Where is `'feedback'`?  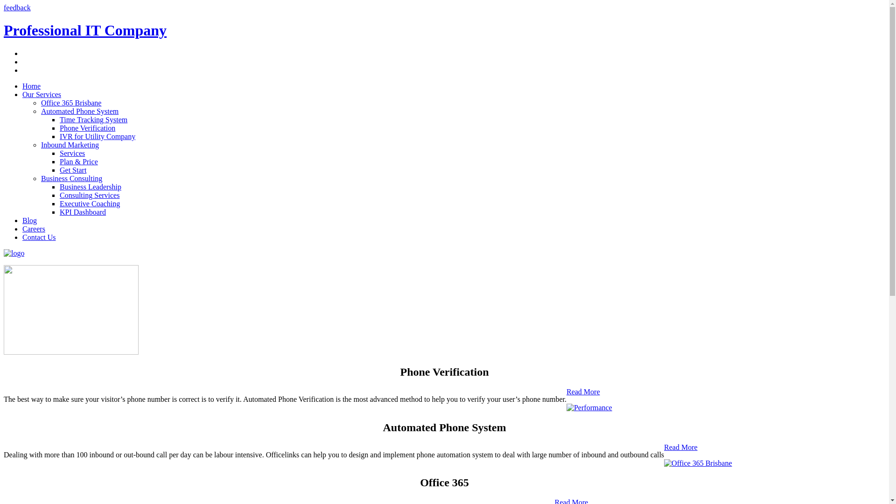 'feedback' is located at coordinates (17, 7).